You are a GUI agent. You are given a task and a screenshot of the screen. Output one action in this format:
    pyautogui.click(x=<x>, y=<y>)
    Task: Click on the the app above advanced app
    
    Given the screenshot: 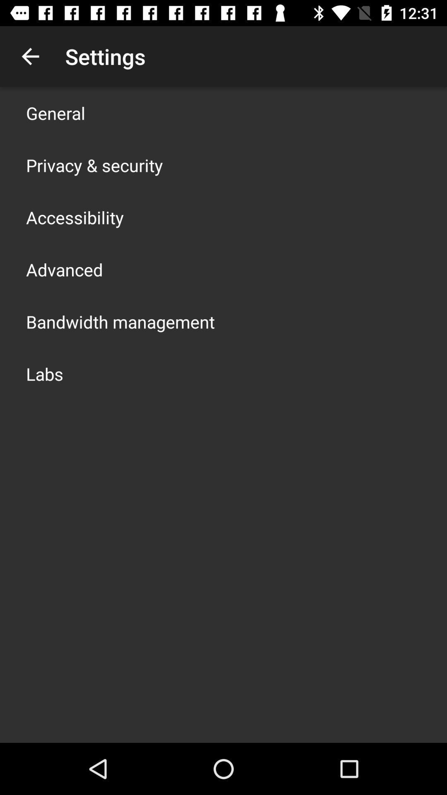 What is the action you would take?
    pyautogui.click(x=75, y=217)
    